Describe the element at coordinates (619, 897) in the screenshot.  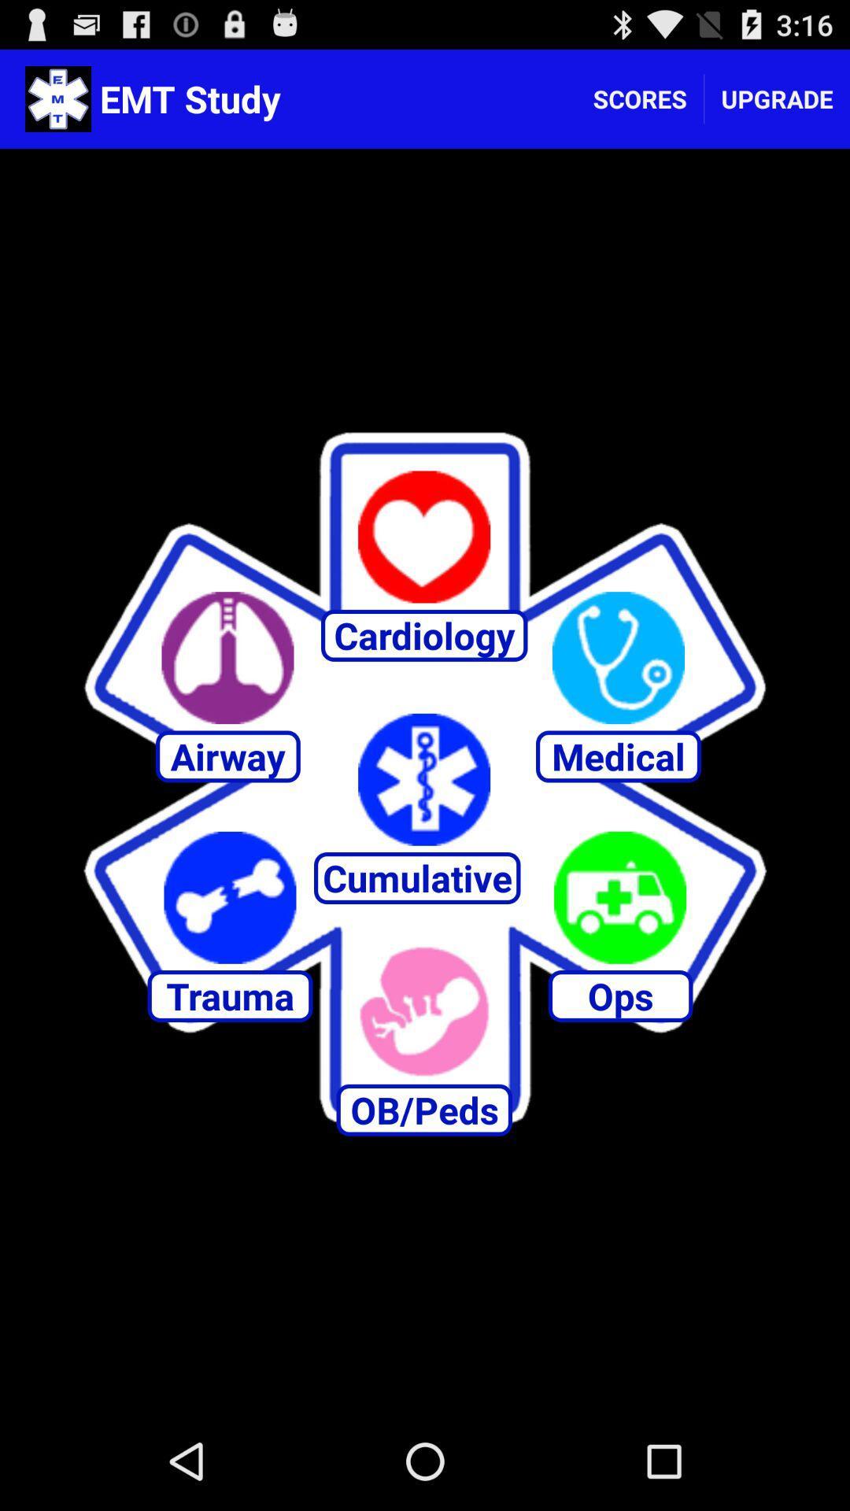
I see `ops icon` at that location.